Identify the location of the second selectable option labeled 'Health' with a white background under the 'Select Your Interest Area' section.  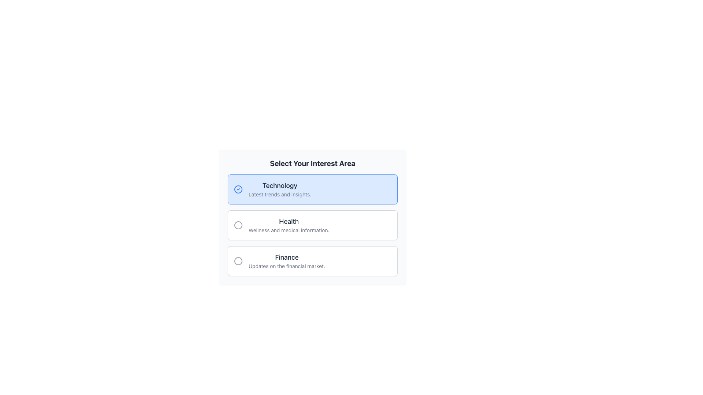
(313, 225).